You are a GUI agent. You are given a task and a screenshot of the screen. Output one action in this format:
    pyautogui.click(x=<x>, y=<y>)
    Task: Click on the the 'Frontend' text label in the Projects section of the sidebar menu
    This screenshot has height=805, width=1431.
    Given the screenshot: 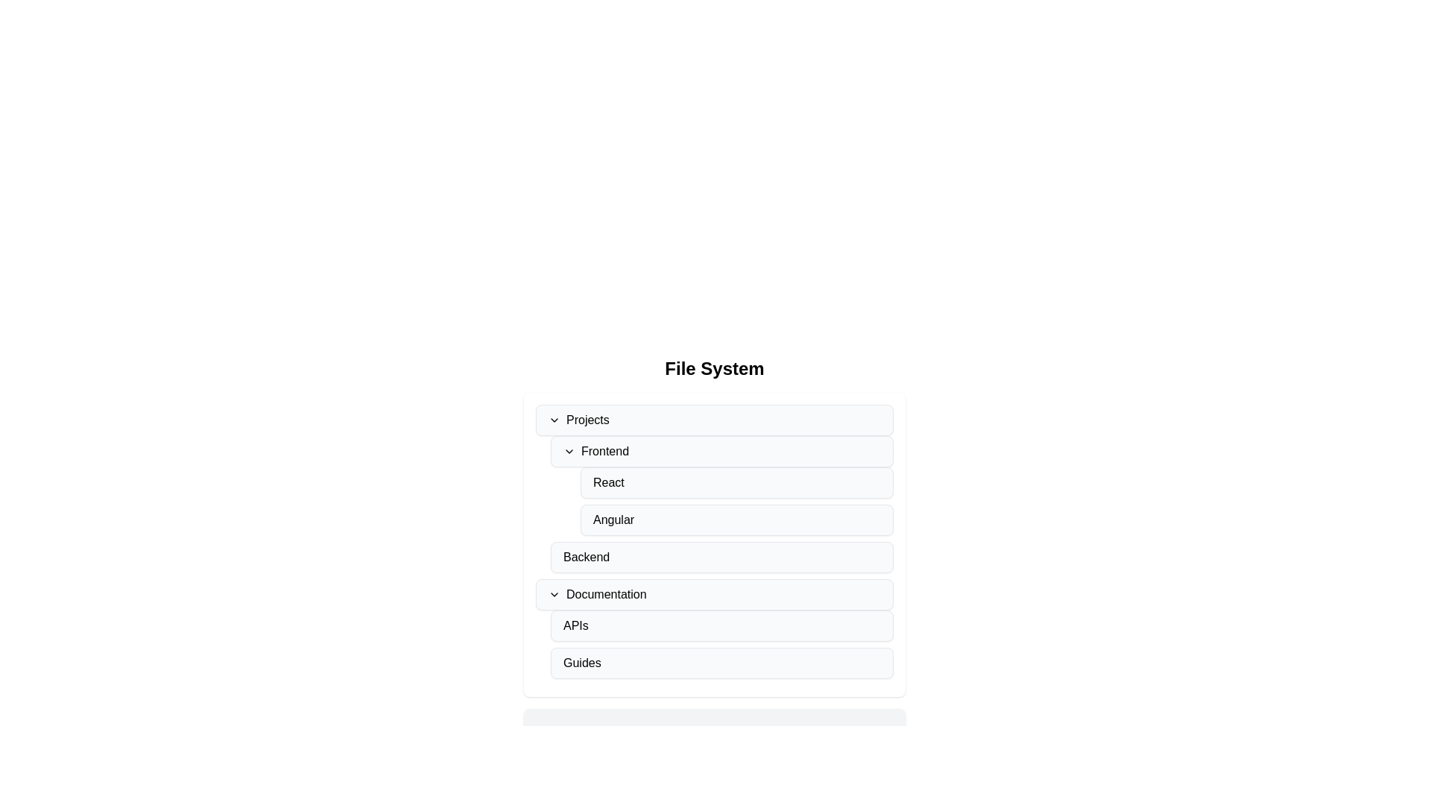 What is the action you would take?
    pyautogui.click(x=596, y=450)
    